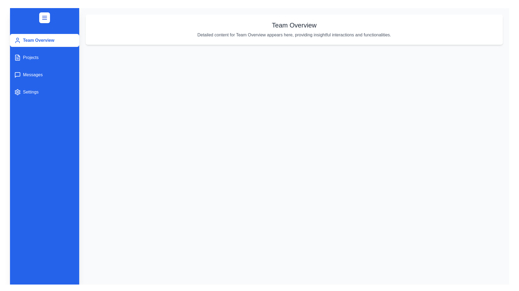 Image resolution: width=519 pixels, height=291 pixels. I want to click on the panel Settings from the sidebar, so click(44, 92).